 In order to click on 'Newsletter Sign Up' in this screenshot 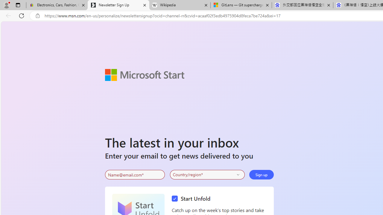, I will do `click(118, 5)`.